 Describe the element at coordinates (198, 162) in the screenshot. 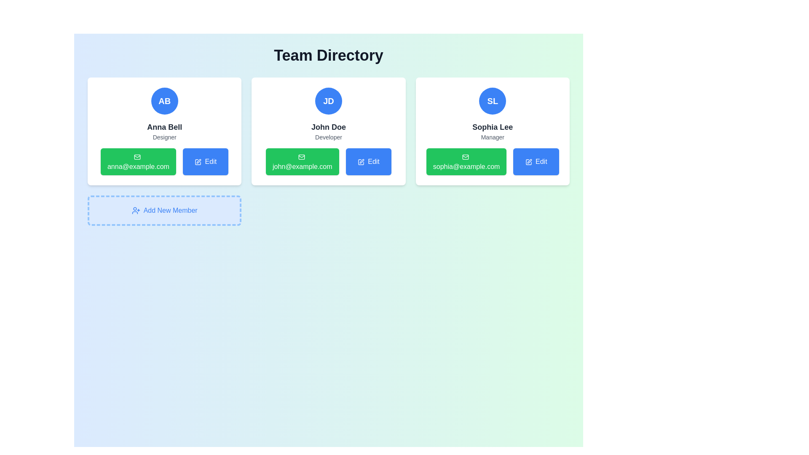

I see `the 'Edit' button icon for the user 'Anna Bell' in the Team Directory` at that location.